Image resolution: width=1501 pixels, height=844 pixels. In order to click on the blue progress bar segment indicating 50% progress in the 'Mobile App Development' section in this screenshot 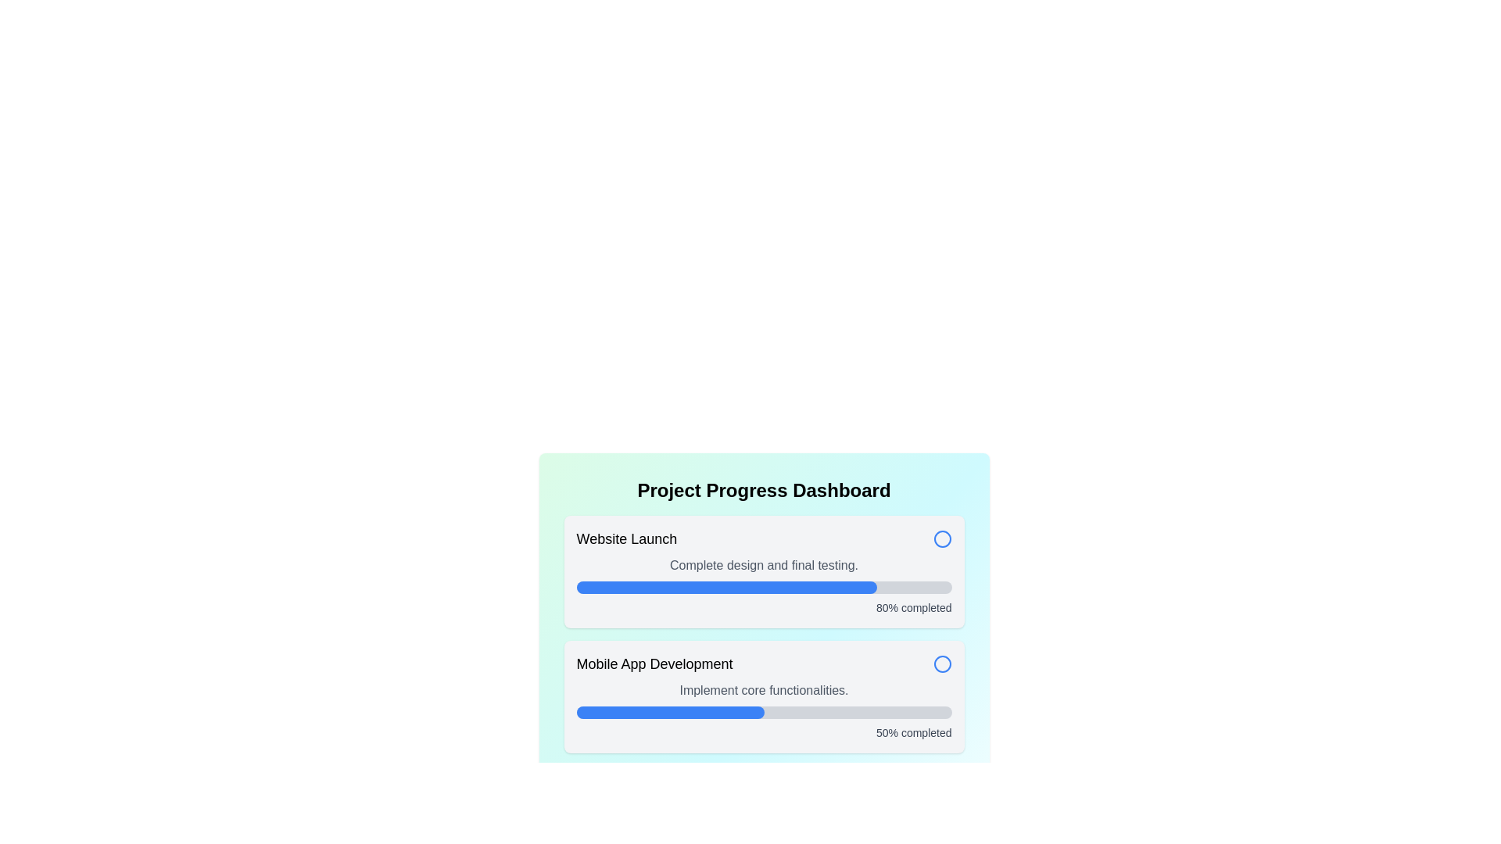, I will do `click(670, 712)`.